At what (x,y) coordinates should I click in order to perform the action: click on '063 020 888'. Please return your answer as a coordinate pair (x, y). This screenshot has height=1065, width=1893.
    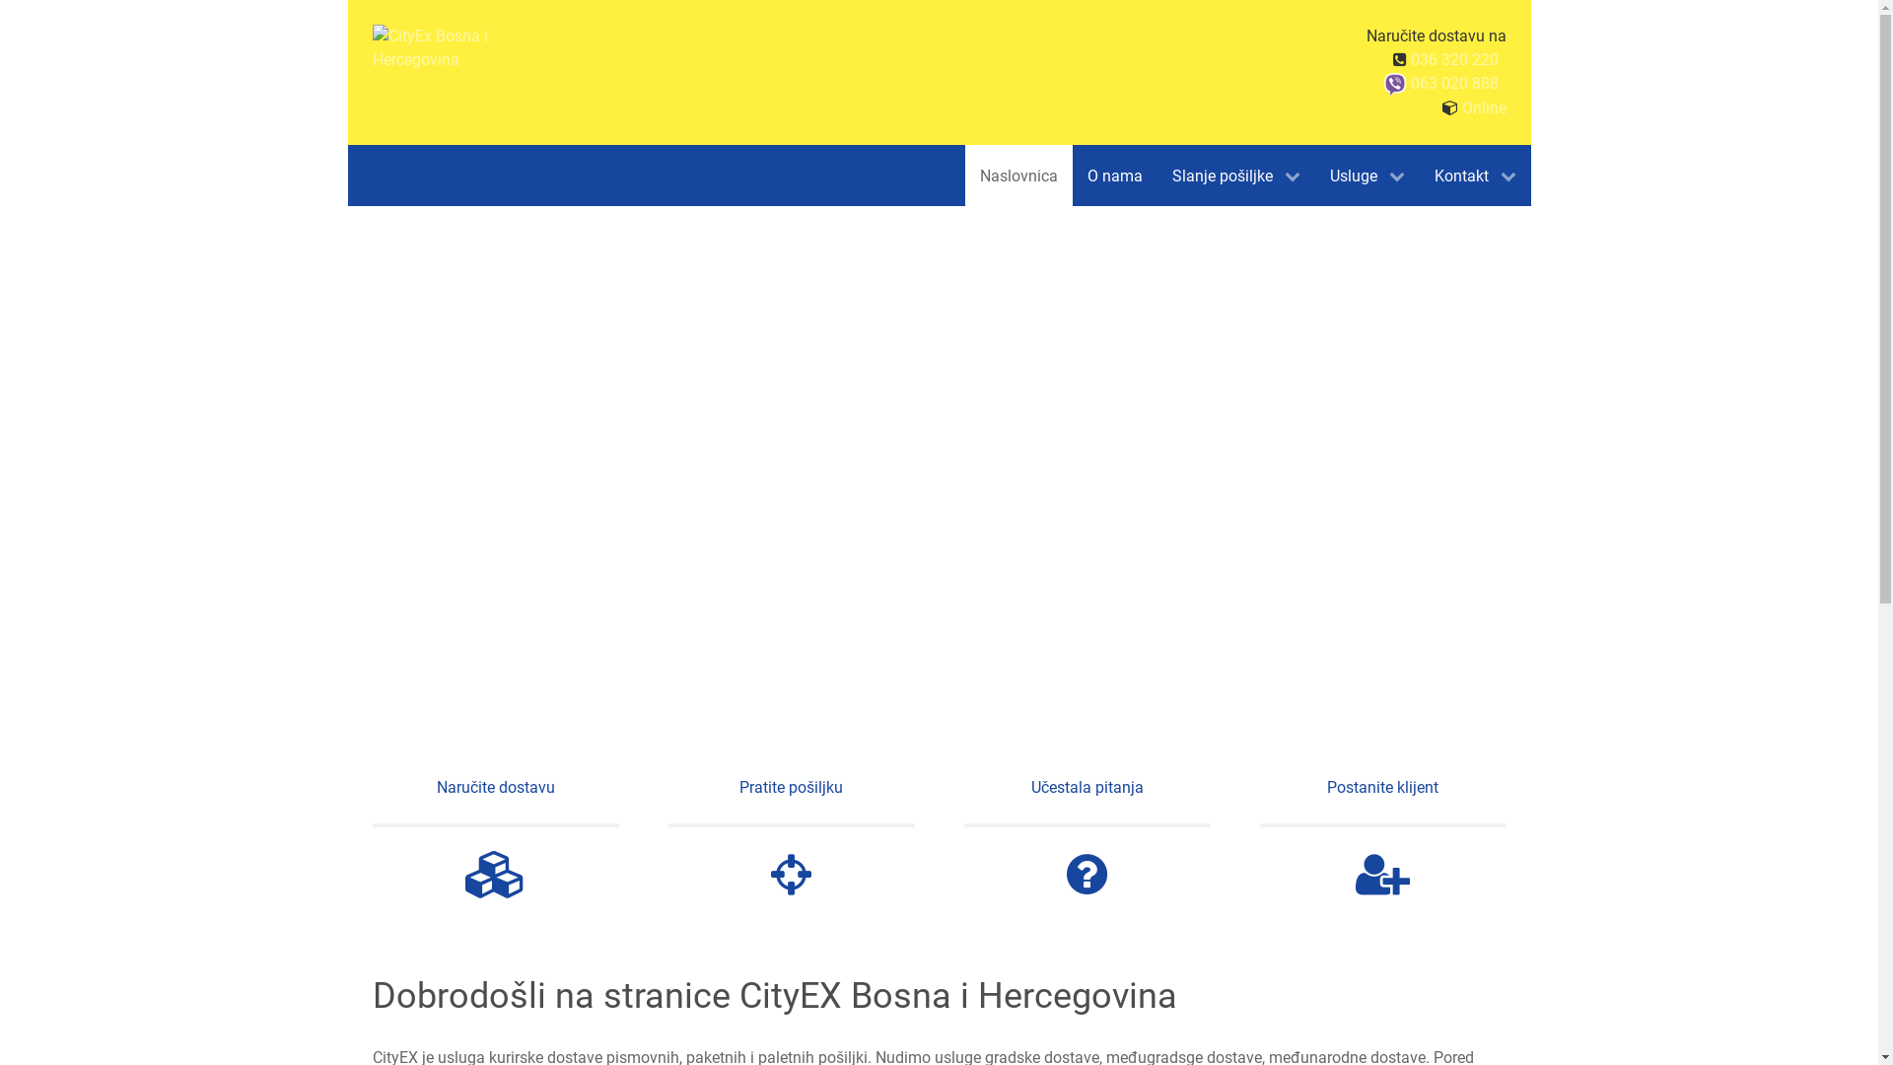
    Looking at the image, I should click on (1453, 82).